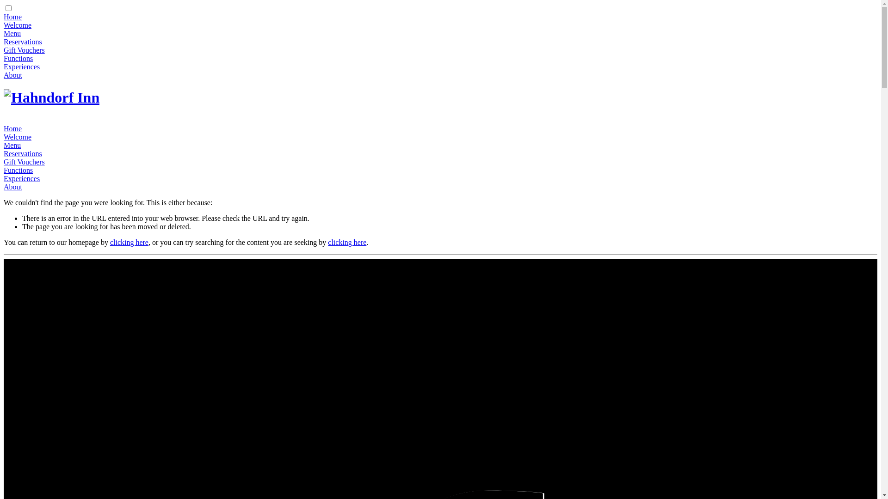 Image resolution: width=888 pixels, height=499 pixels. What do you see at coordinates (13, 74) in the screenshot?
I see `'About'` at bounding box center [13, 74].